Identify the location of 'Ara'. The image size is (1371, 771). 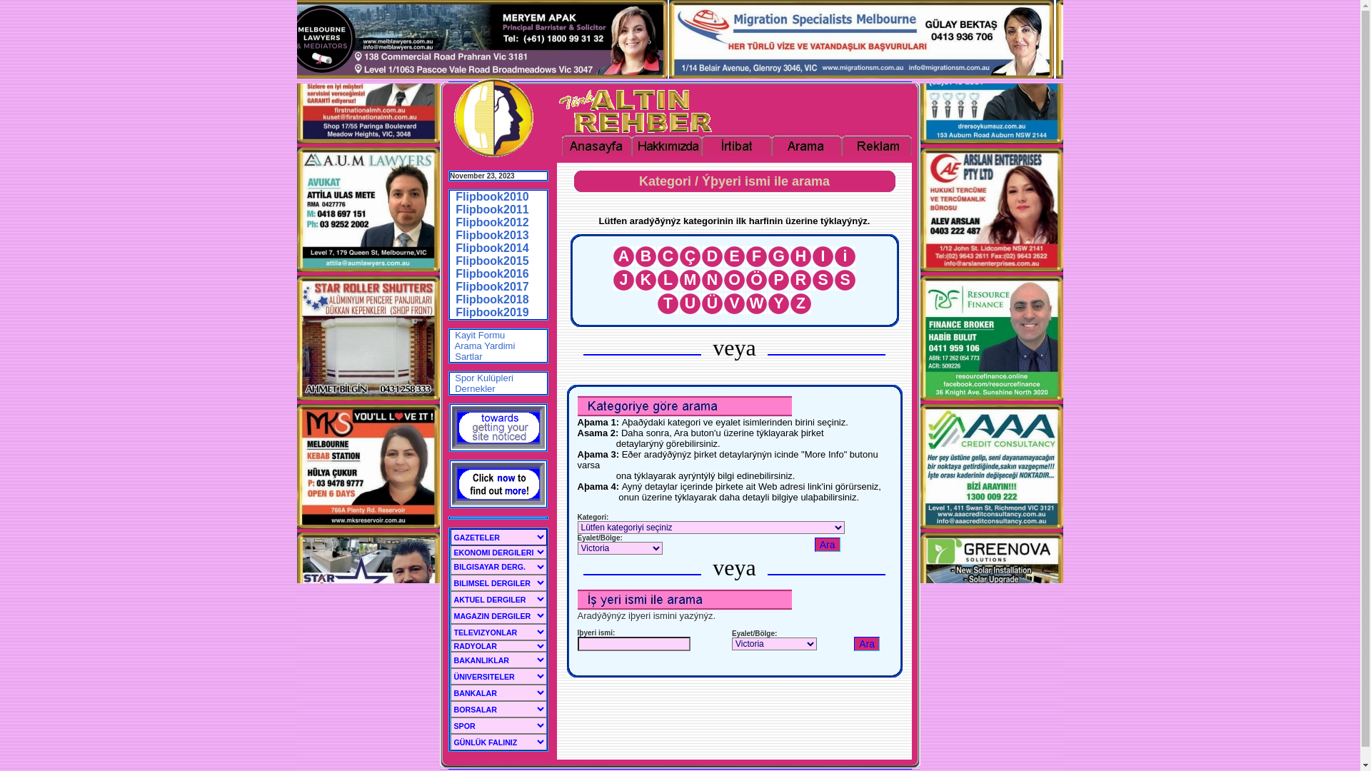
(827, 544).